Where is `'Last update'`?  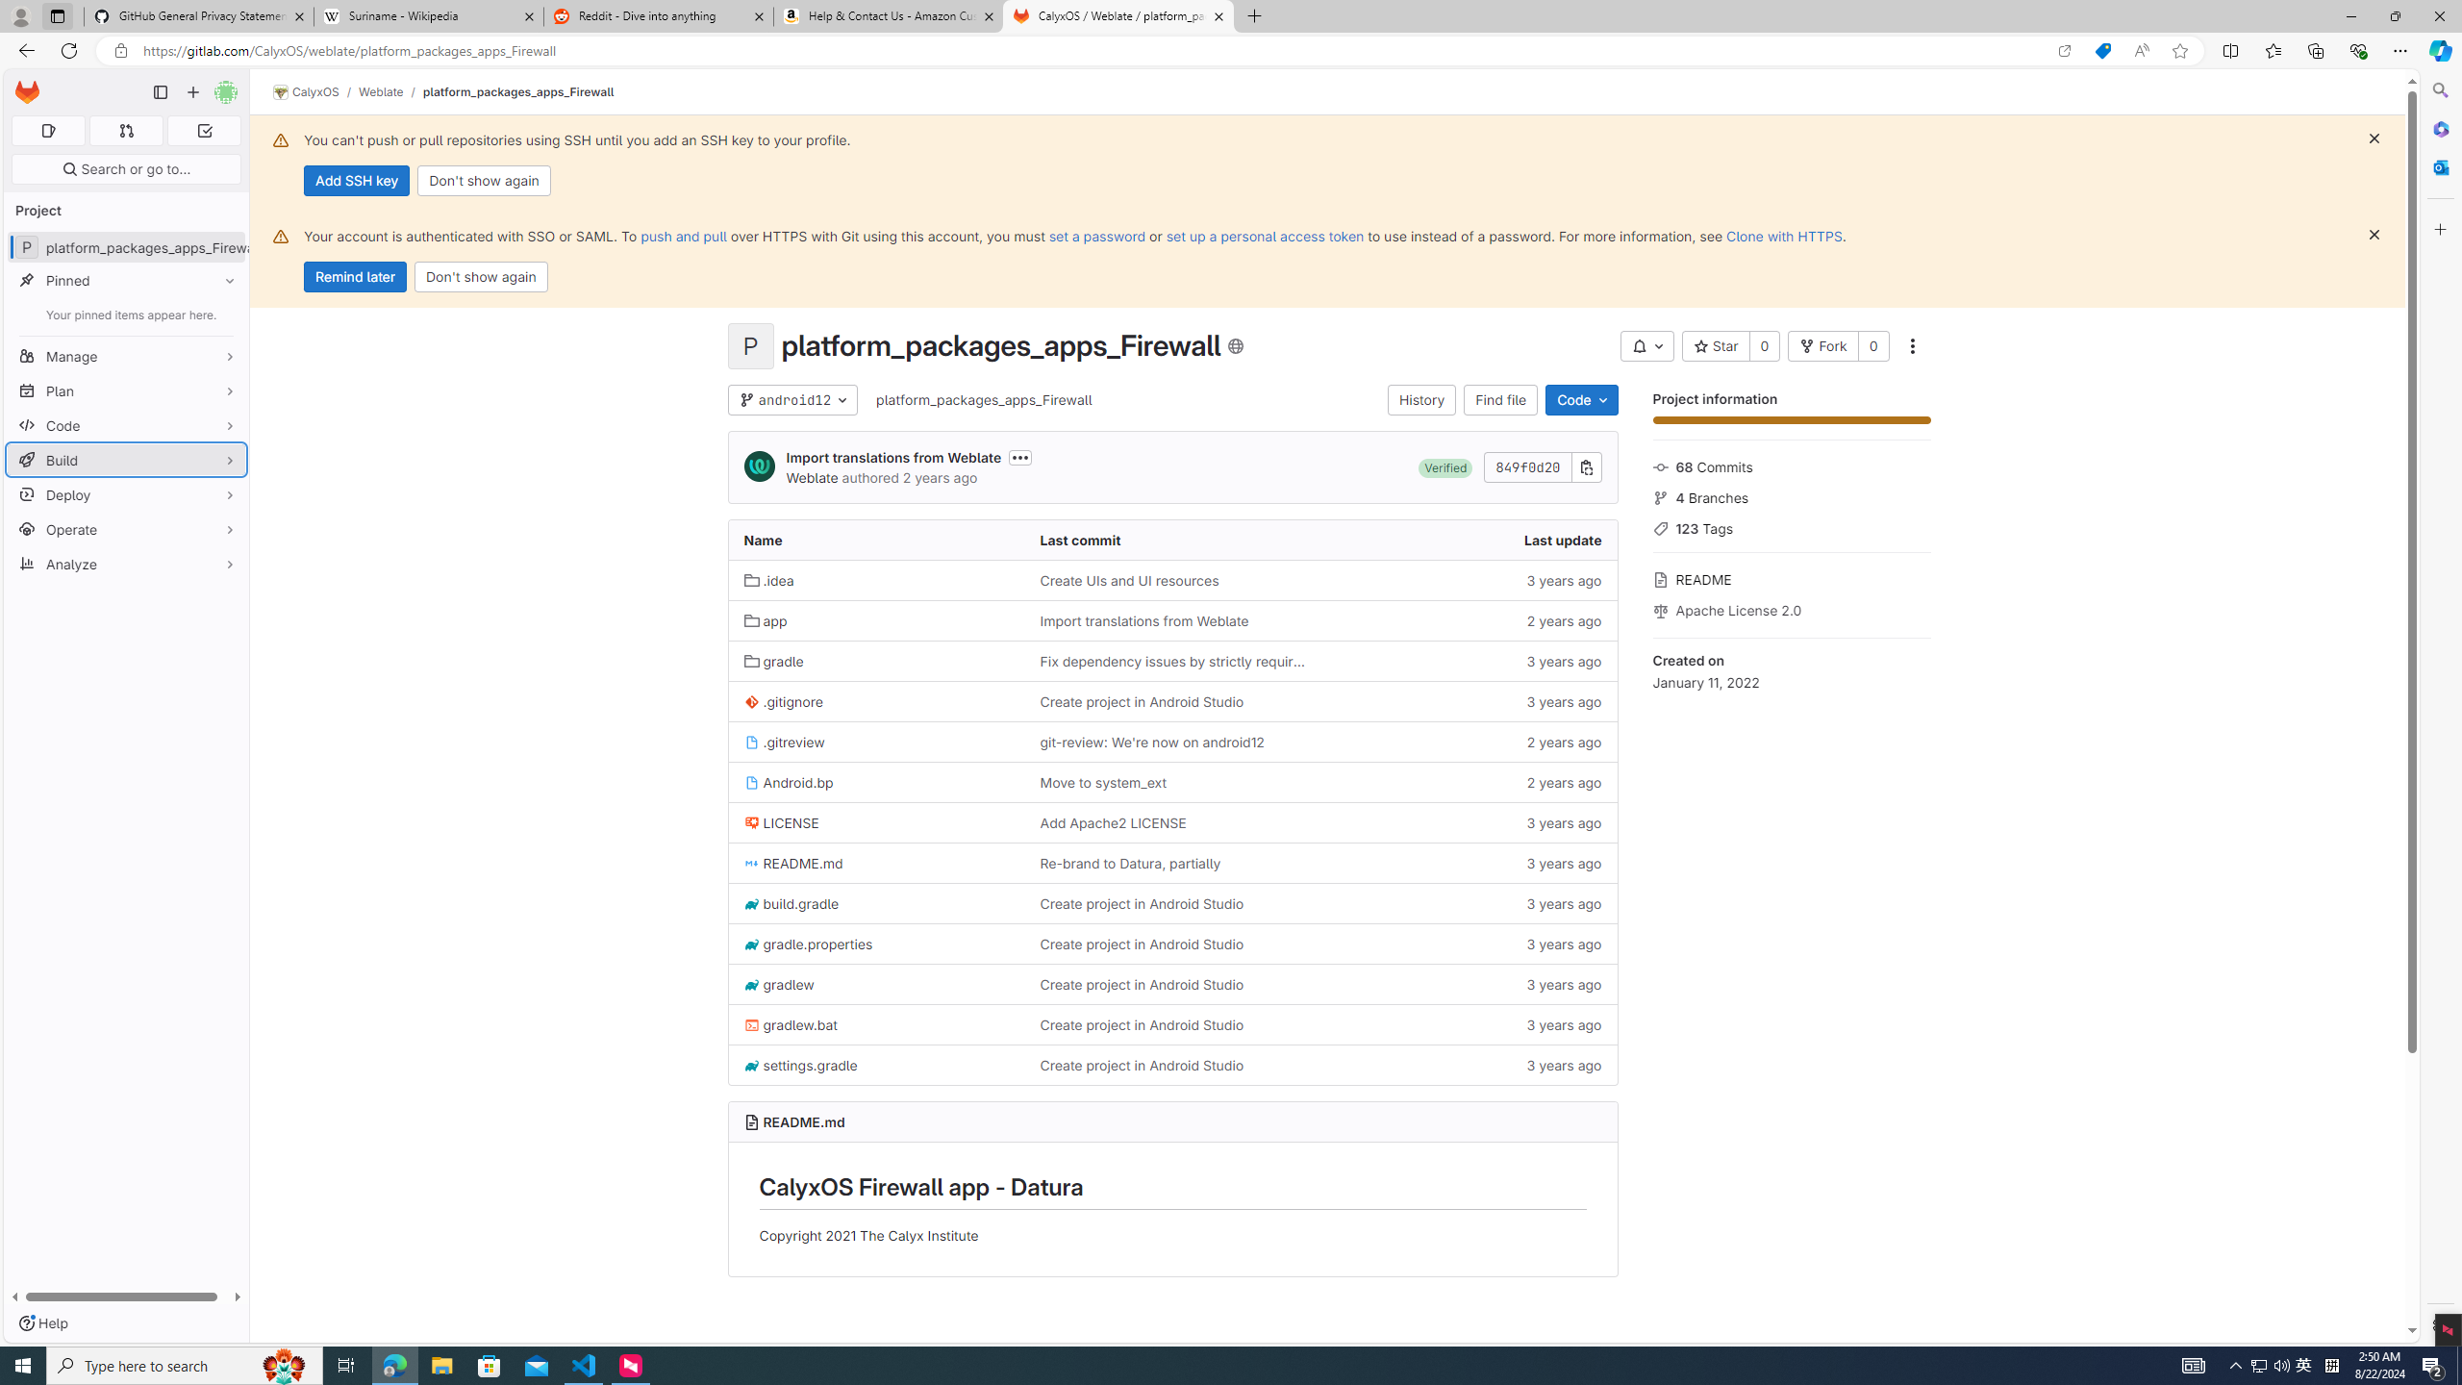
'Last update' is located at coordinates (1468, 541).